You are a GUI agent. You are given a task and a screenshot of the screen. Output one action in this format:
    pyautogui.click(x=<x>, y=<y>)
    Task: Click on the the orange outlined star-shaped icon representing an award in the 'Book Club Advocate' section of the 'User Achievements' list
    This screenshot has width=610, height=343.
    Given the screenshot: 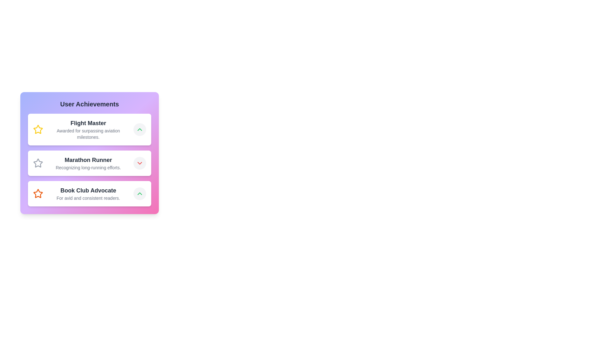 What is the action you would take?
    pyautogui.click(x=38, y=193)
    